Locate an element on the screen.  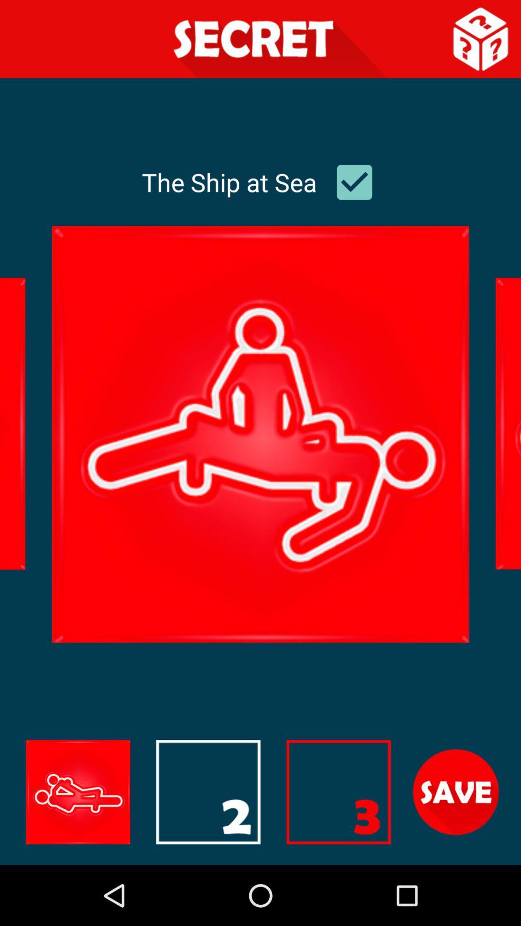
check the item is located at coordinates (355, 182).